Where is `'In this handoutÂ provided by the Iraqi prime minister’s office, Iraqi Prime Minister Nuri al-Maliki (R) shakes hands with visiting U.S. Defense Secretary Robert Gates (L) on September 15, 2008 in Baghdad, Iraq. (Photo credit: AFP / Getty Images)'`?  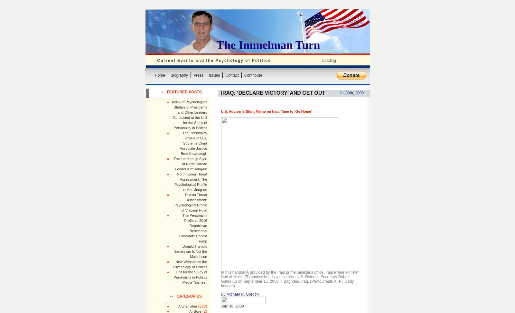
'In this handoutÂ provided by the Iraqi prime minister’s office, Iraqi Prime Minister Nuri al-Maliki (R) shakes hands with visiting U.S. Defense Secretary Robert Gates (L) on September 15, 2008 in Baghdad, Iraq. (Photo credit: AFP / Getty Images)' is located at coordinates (221, 279).